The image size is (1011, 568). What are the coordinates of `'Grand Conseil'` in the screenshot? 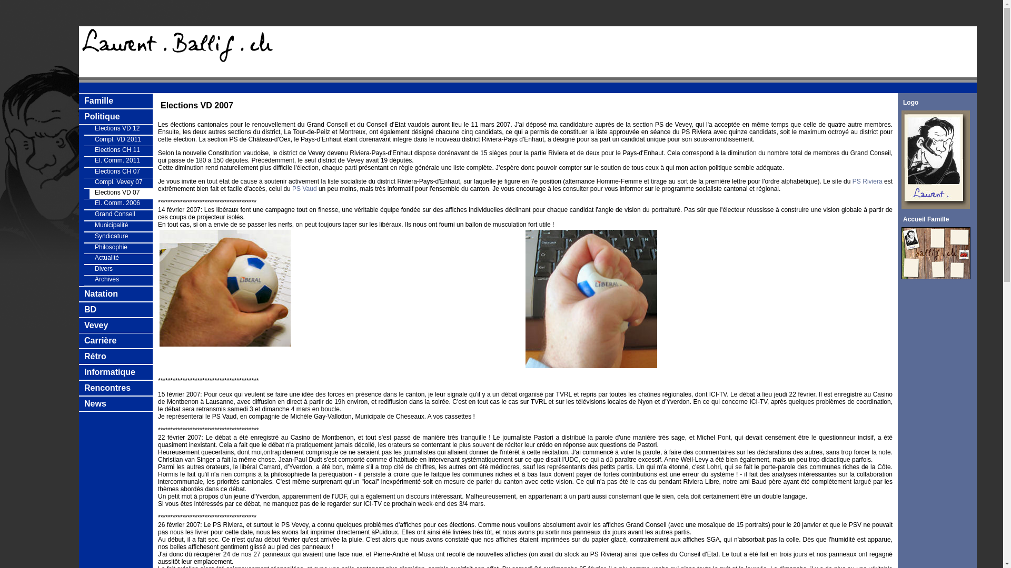 It's located at (123, 214).